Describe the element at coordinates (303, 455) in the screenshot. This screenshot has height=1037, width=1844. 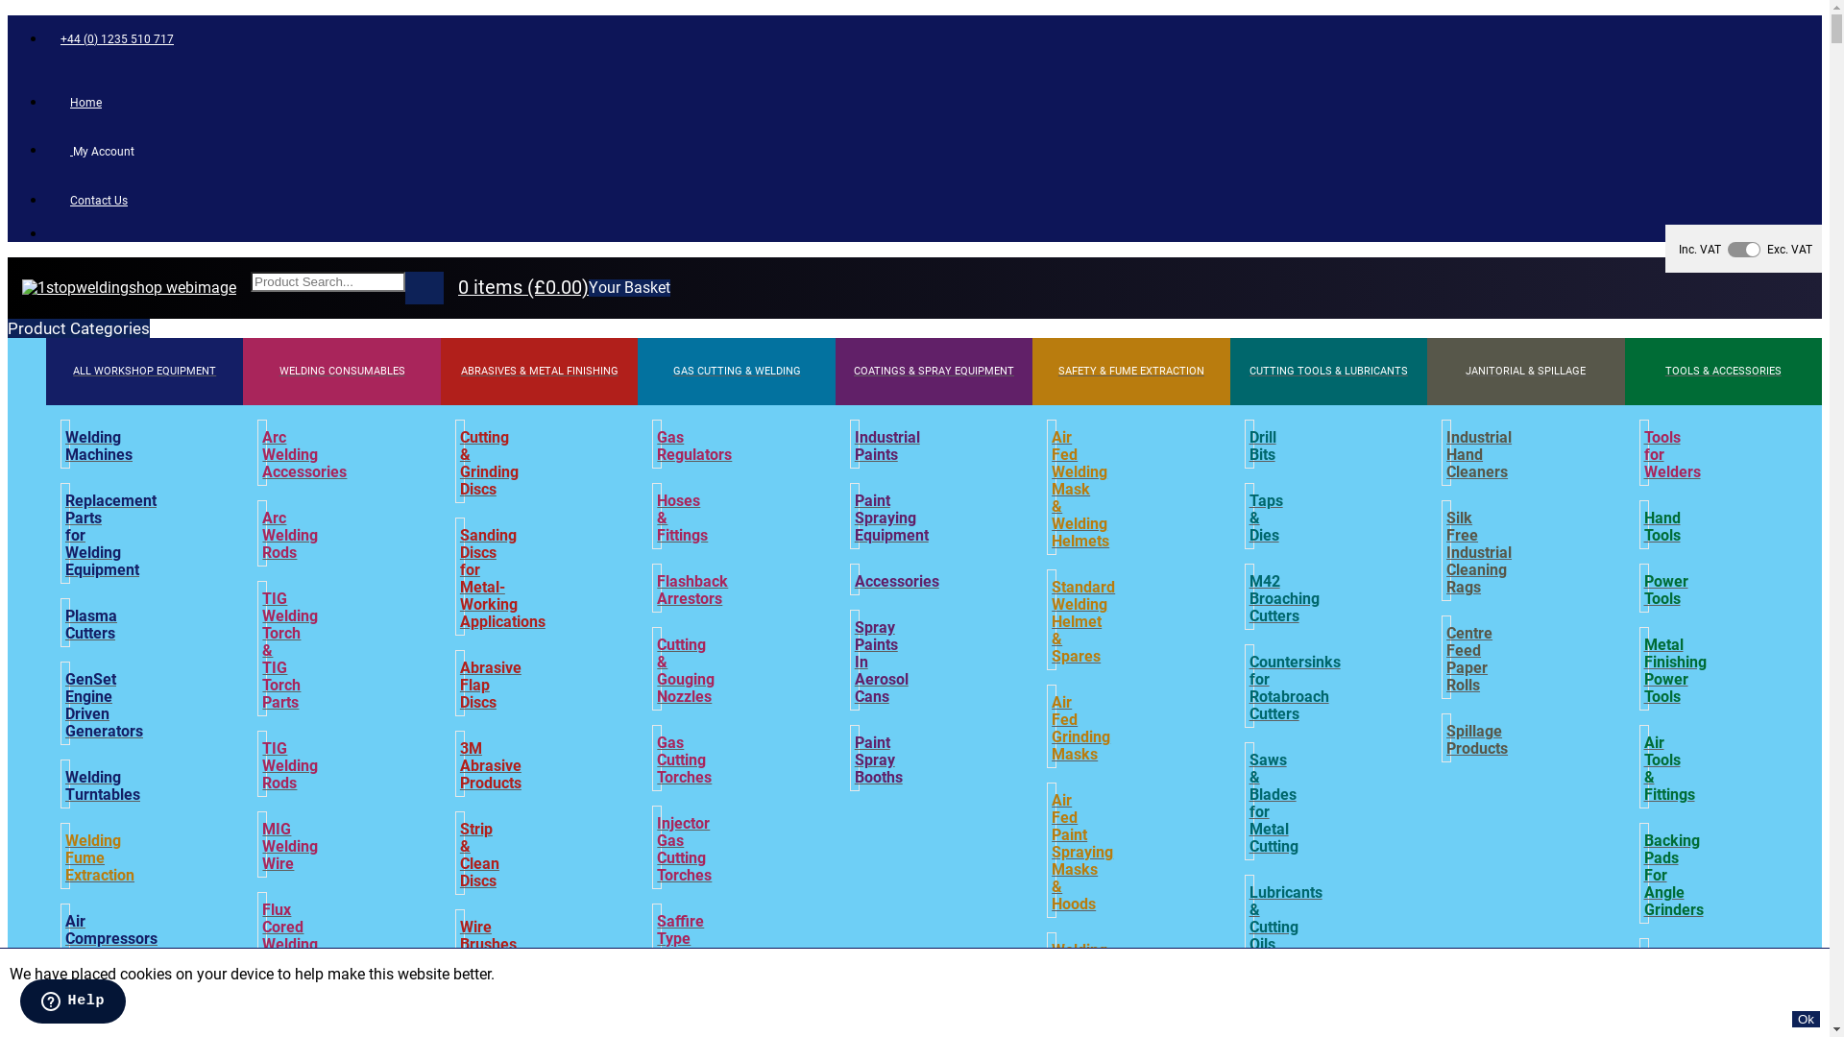
I see `'Arc Welding Accessories'` at that location.